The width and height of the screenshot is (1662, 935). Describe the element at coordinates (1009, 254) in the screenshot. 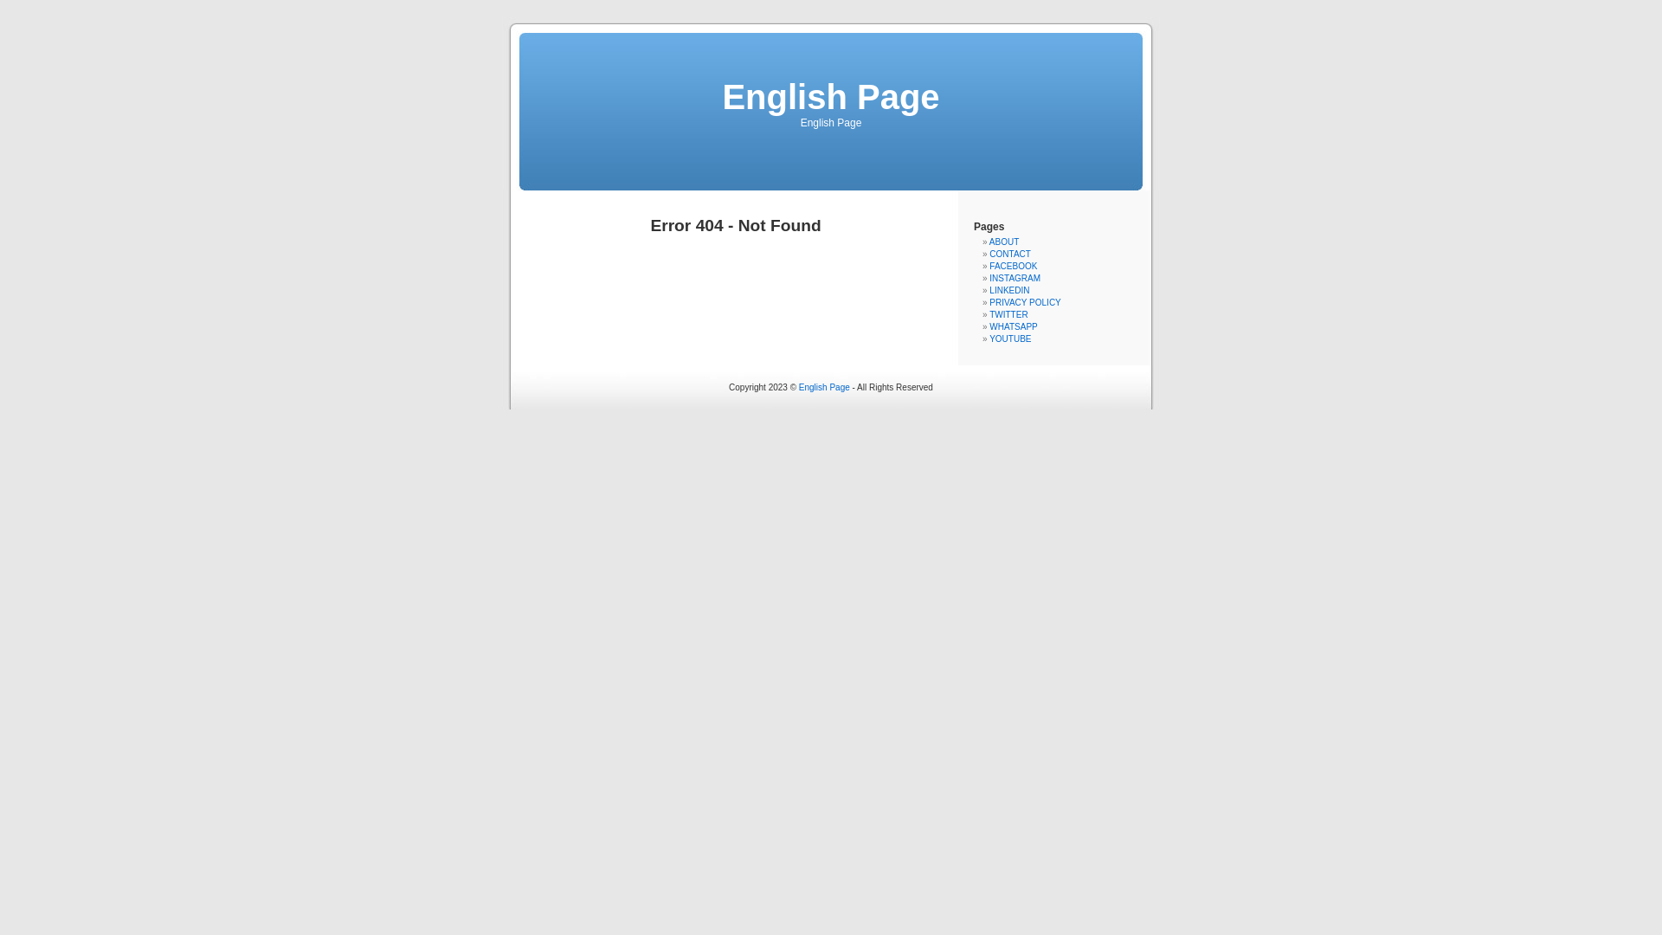

I see `'CONTACT'` at that location.